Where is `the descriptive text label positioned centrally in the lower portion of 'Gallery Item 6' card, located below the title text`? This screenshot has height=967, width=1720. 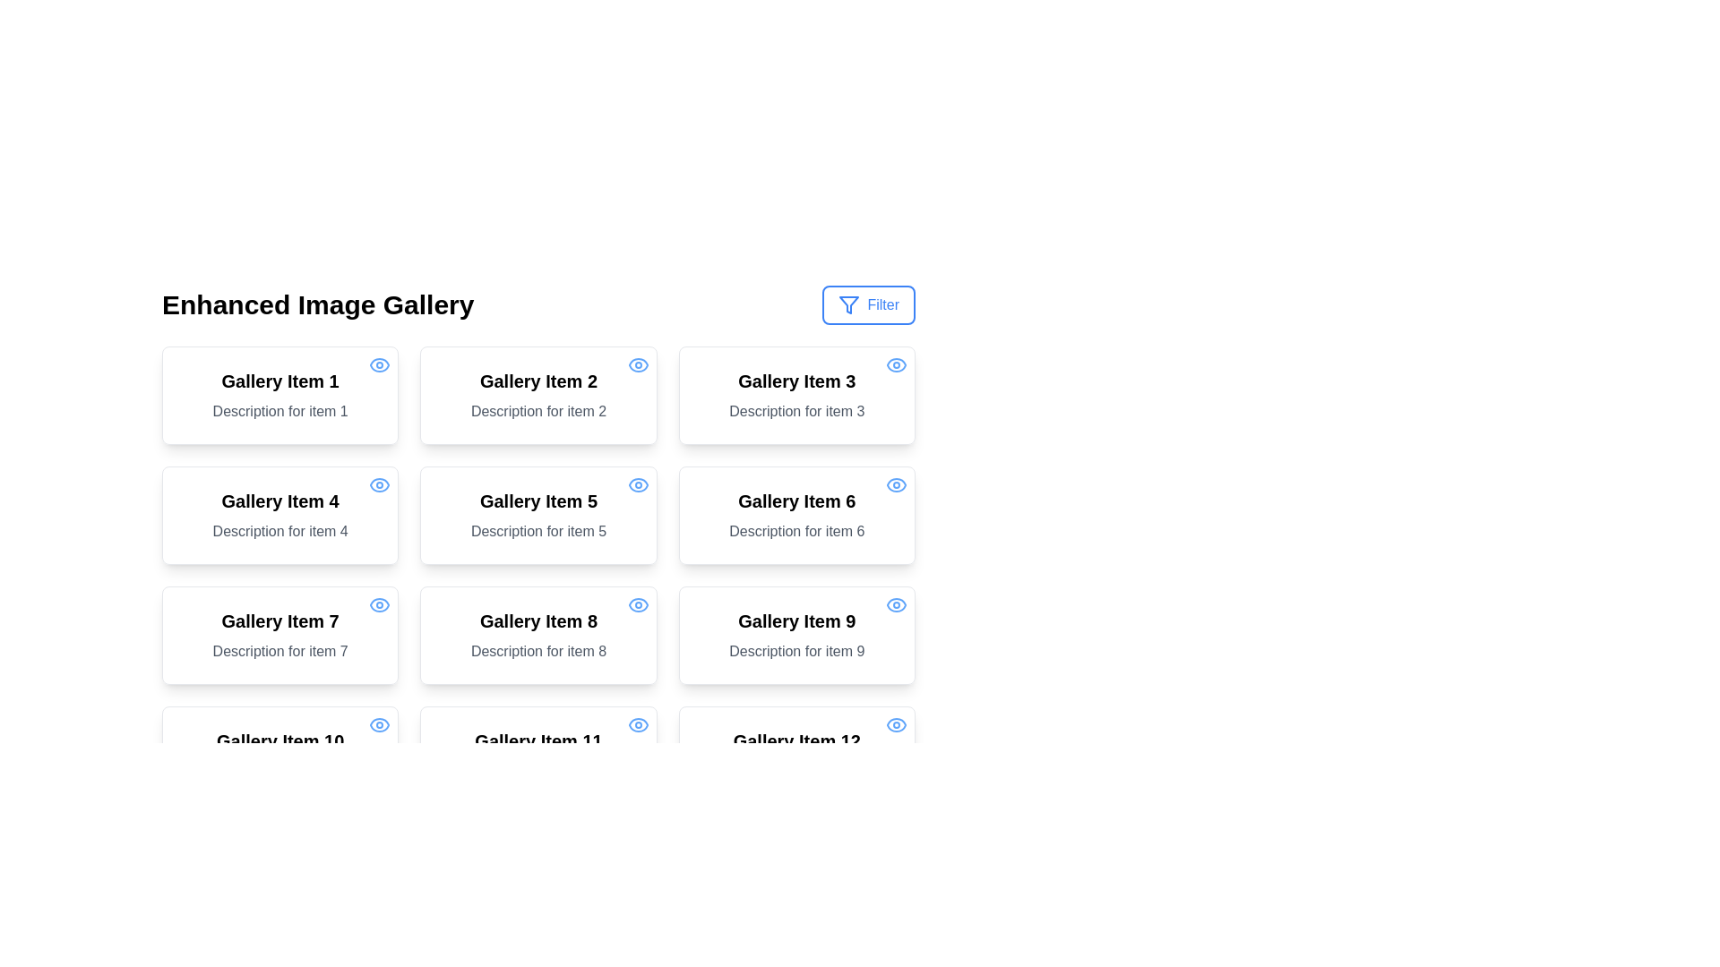
the descriptive text label positioned centrally in the lower portion of 'Gallery Item 6' card, located below the title text is located at coordinates (795, 531).